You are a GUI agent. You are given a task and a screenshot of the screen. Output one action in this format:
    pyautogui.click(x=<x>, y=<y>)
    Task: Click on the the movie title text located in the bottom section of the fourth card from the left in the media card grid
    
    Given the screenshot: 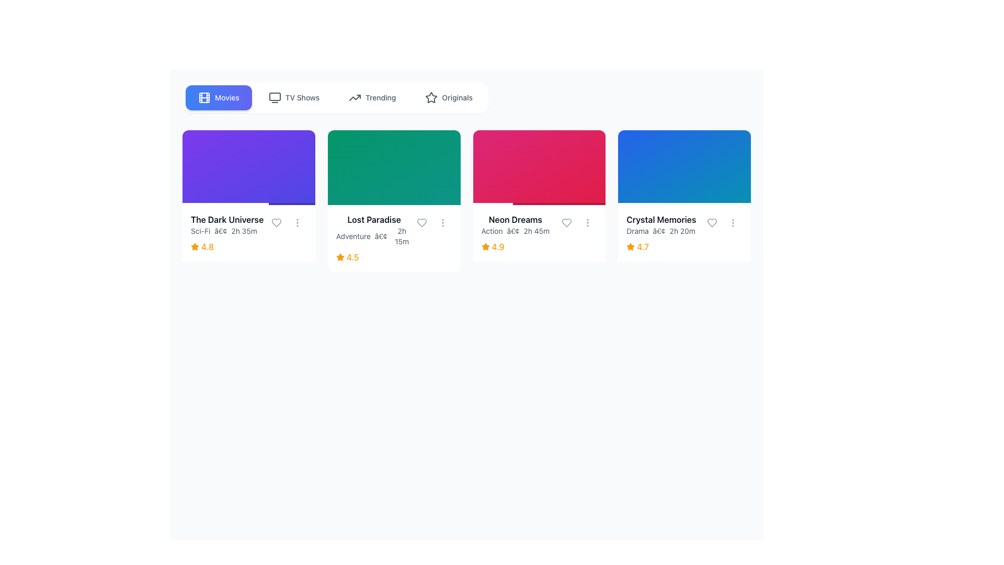 What is the action you would take?
    pyautogui.click(x=660, y=219)
    